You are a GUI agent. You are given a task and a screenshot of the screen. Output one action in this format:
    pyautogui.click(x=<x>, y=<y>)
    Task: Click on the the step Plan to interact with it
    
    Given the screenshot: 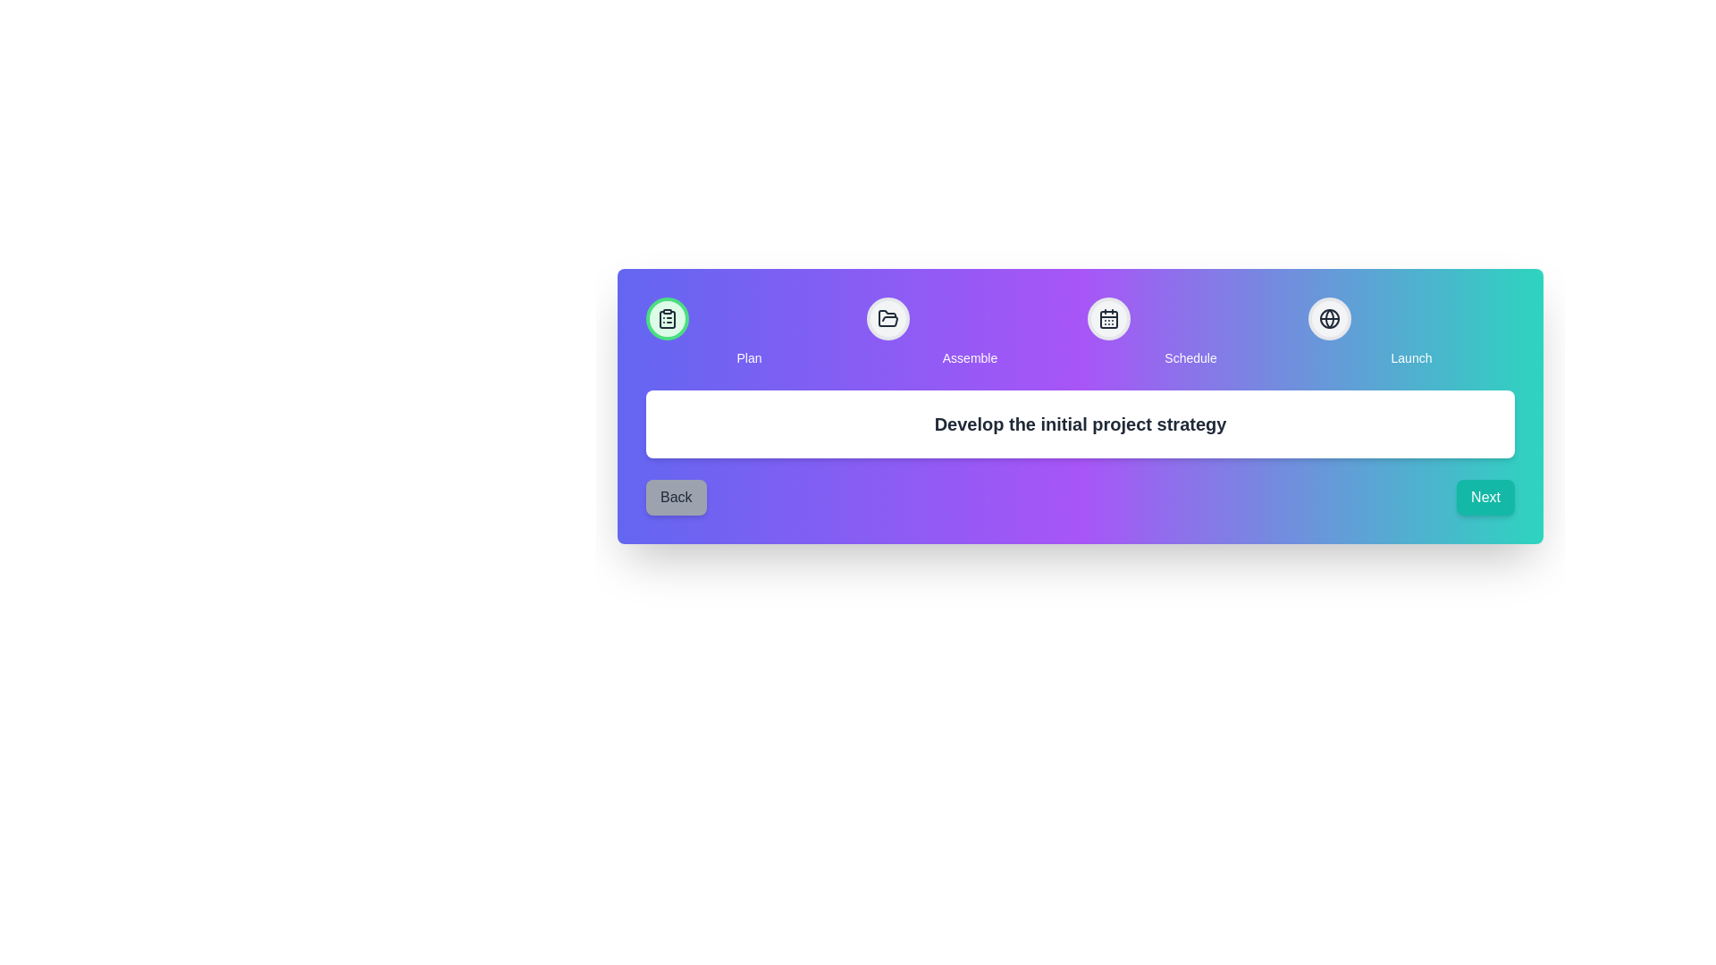 What is the action you would take?
    pyautogui.click(x=667, y=318)
    